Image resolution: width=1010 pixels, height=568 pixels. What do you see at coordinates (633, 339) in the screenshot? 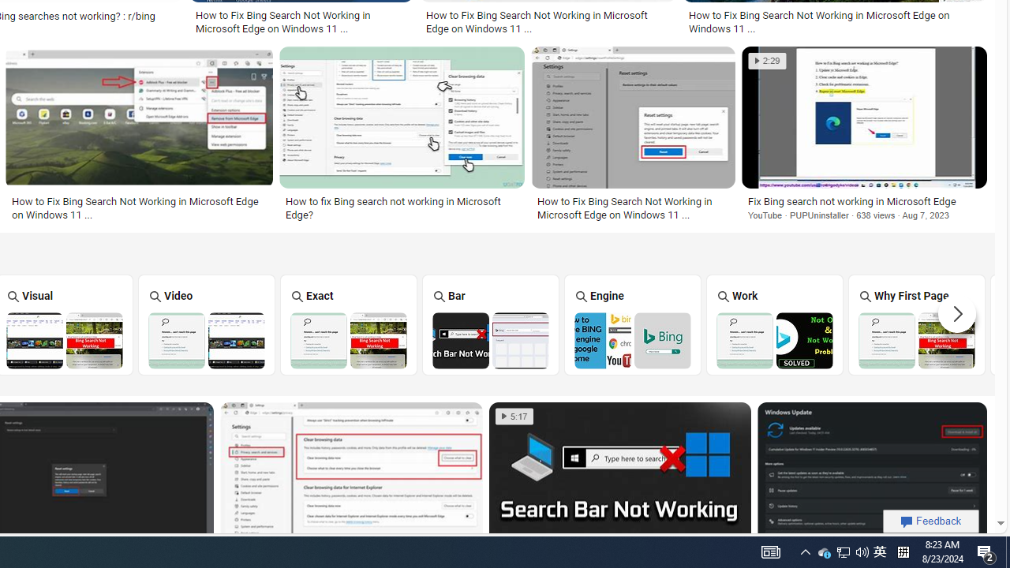
I see `'Bing Search Engine Not Working'` at bounding box center [633, 339].